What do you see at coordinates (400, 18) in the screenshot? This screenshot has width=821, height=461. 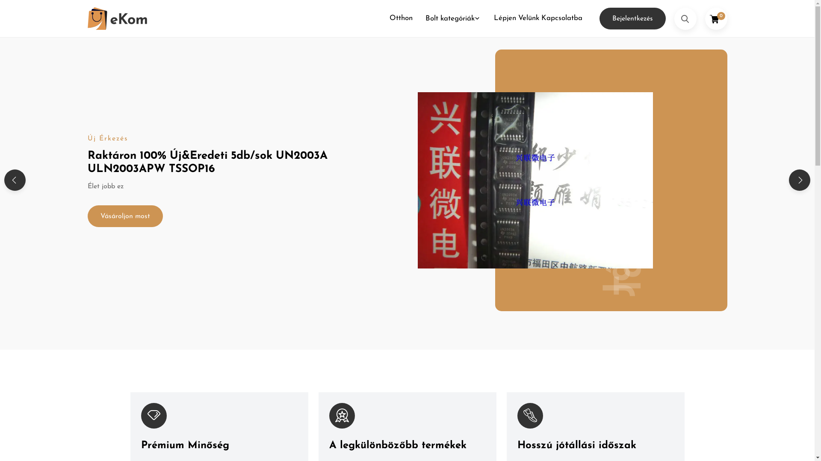 I see `'Otthon'` at bounding box center [400, 18].